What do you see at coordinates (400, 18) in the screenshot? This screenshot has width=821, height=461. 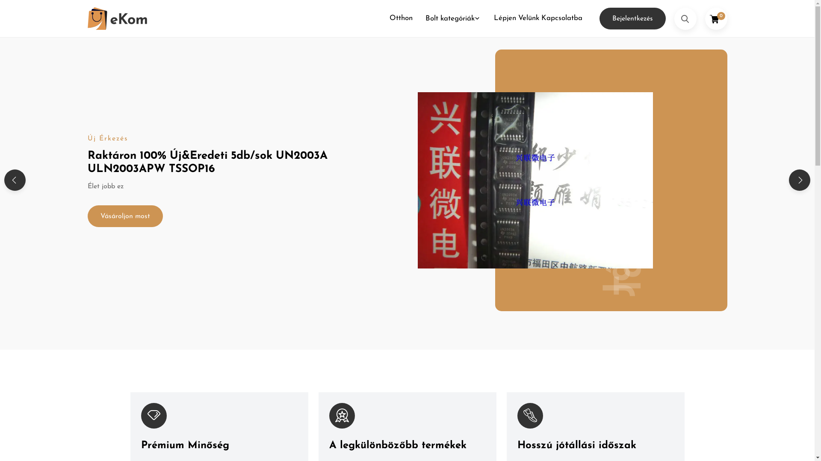 I see `'Otthon'` at bounding box center [400, 18].